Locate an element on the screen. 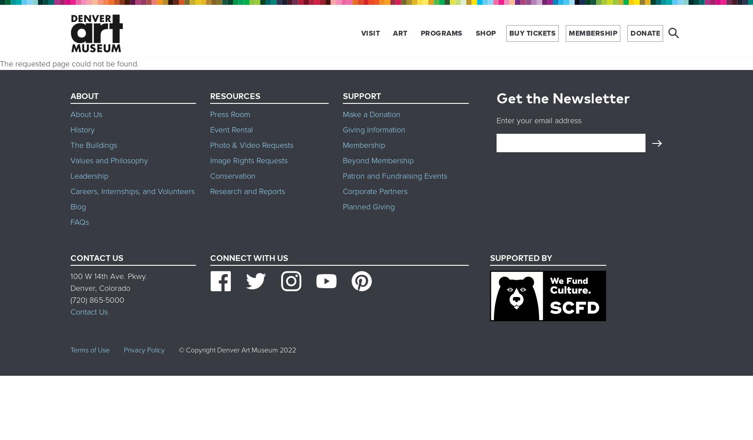 This screenshot has height=440, width=753. 'Event Rental' is located at coordinates (231, 129).